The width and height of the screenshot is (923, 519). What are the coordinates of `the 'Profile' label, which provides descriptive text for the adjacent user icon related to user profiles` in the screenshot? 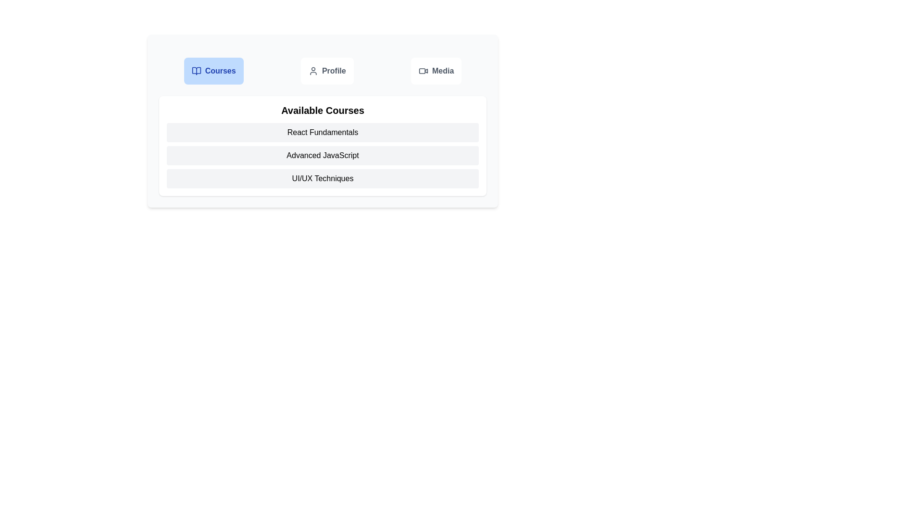 It's located at (334, 70).